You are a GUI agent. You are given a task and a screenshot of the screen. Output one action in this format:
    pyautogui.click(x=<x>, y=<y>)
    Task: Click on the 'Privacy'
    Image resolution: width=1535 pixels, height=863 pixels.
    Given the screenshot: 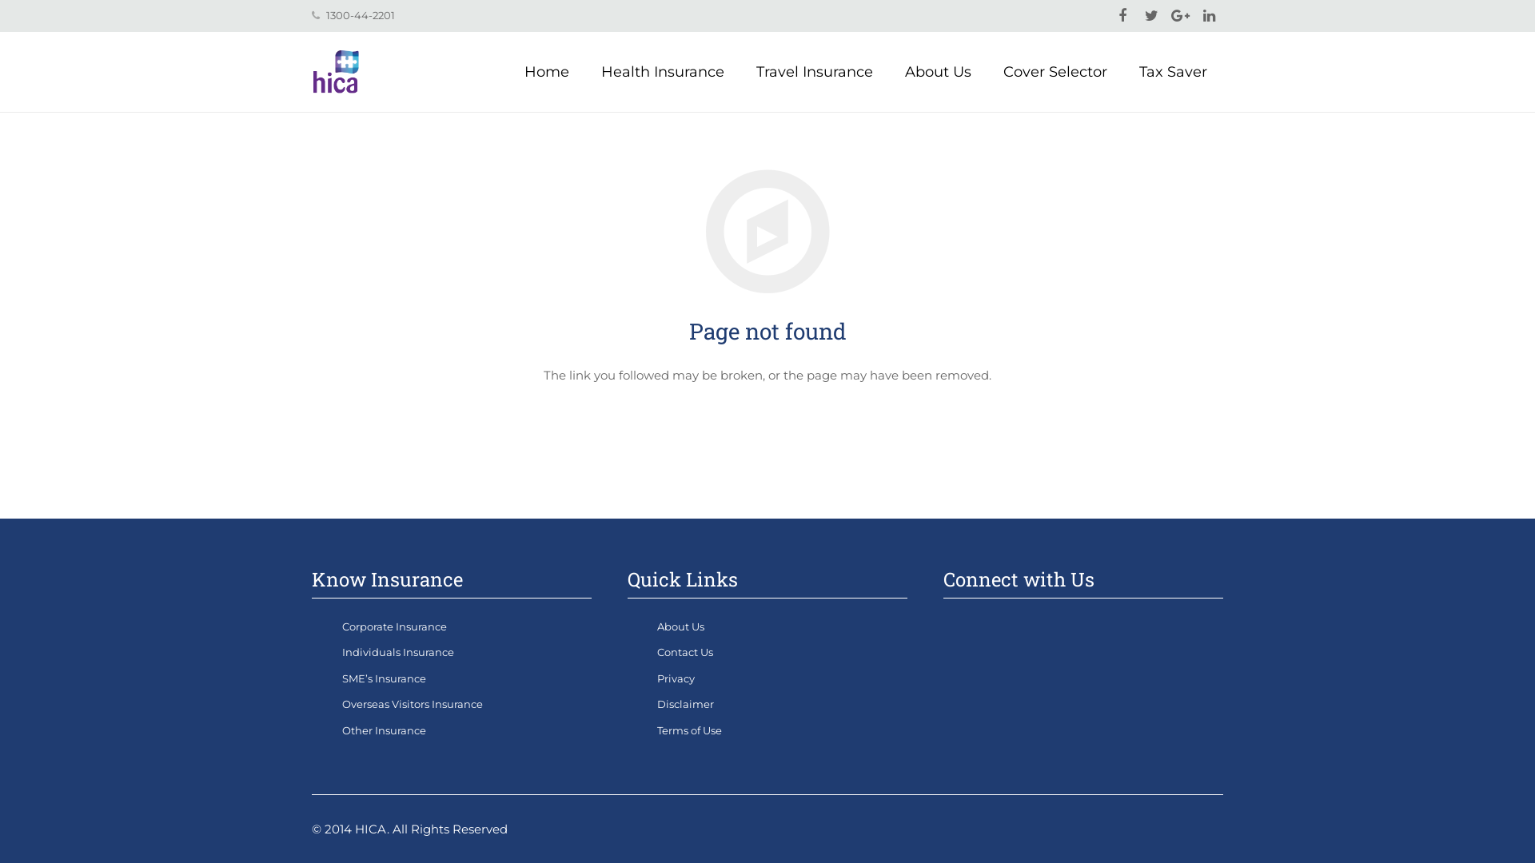 What is the action you would take?
    pyautogui.click(x=676, y=678)
    